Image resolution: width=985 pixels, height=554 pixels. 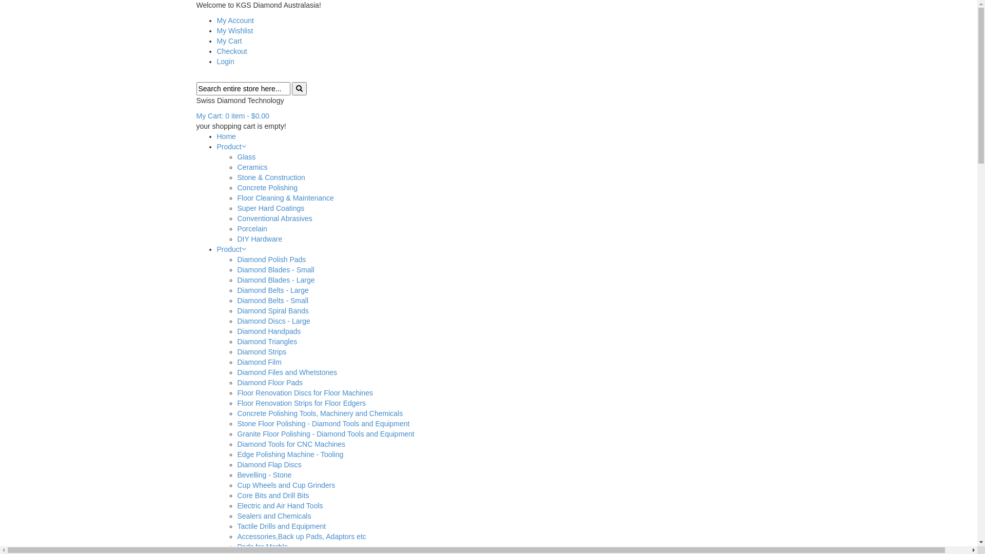 What do you see at coordinates (228, 249) in the screenshot?
I see `'Product'` at bounding box center [228, 249].